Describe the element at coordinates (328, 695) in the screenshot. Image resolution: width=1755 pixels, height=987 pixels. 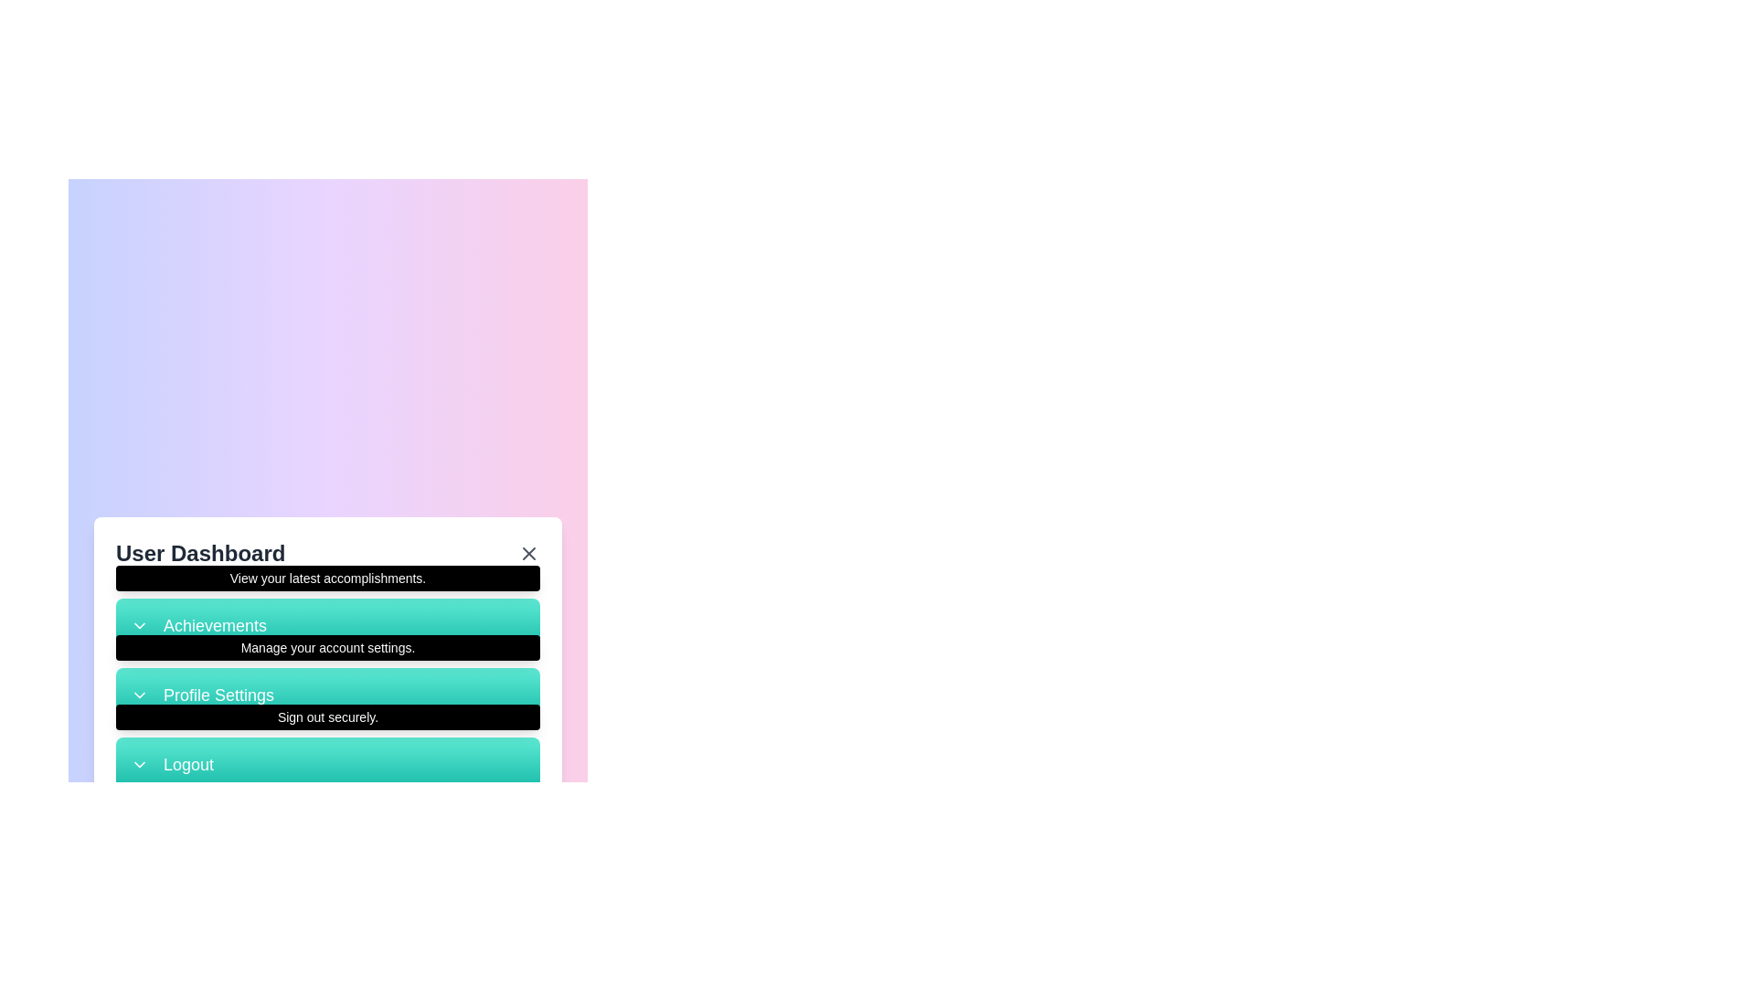
I see `the second option in the stacked list within the 'User Dashboard' panel` at that location.